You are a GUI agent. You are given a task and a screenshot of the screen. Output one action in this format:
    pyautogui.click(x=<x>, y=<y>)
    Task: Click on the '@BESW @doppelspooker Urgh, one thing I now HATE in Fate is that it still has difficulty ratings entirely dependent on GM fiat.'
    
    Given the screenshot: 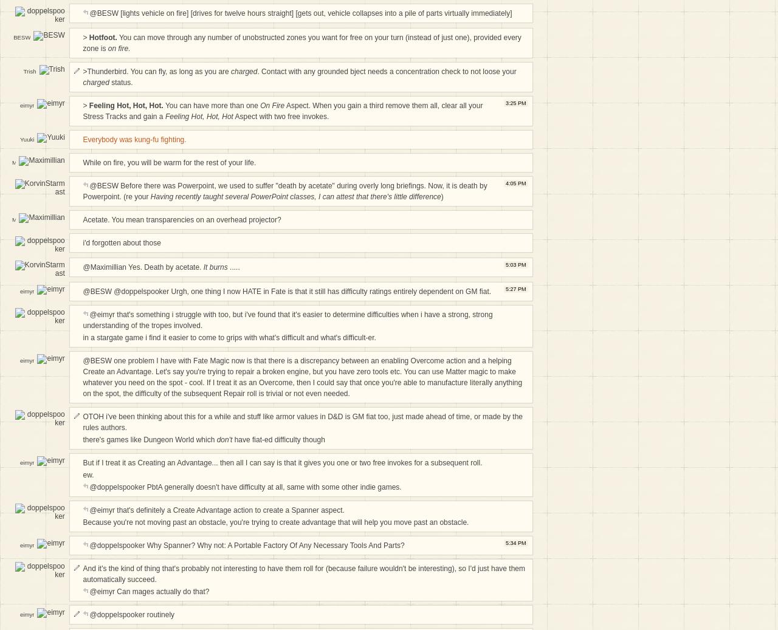 What is the action you would take?
    pyautogui.click(x=286, y=291)
    